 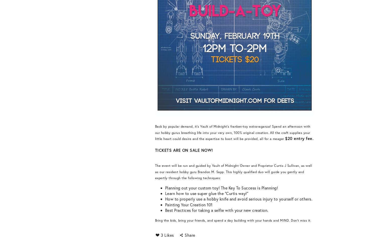 What do you see at coordinates (190, 235) in the screenshot?
I see `'Share'` at bounding box center [190, 235].